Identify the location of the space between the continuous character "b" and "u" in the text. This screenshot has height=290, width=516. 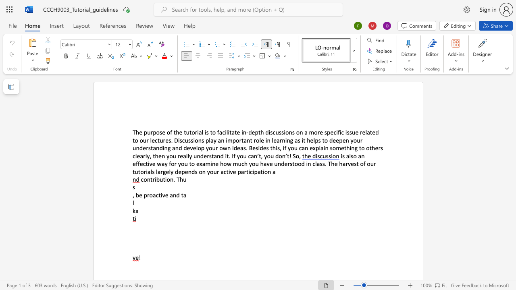
(160, 179).